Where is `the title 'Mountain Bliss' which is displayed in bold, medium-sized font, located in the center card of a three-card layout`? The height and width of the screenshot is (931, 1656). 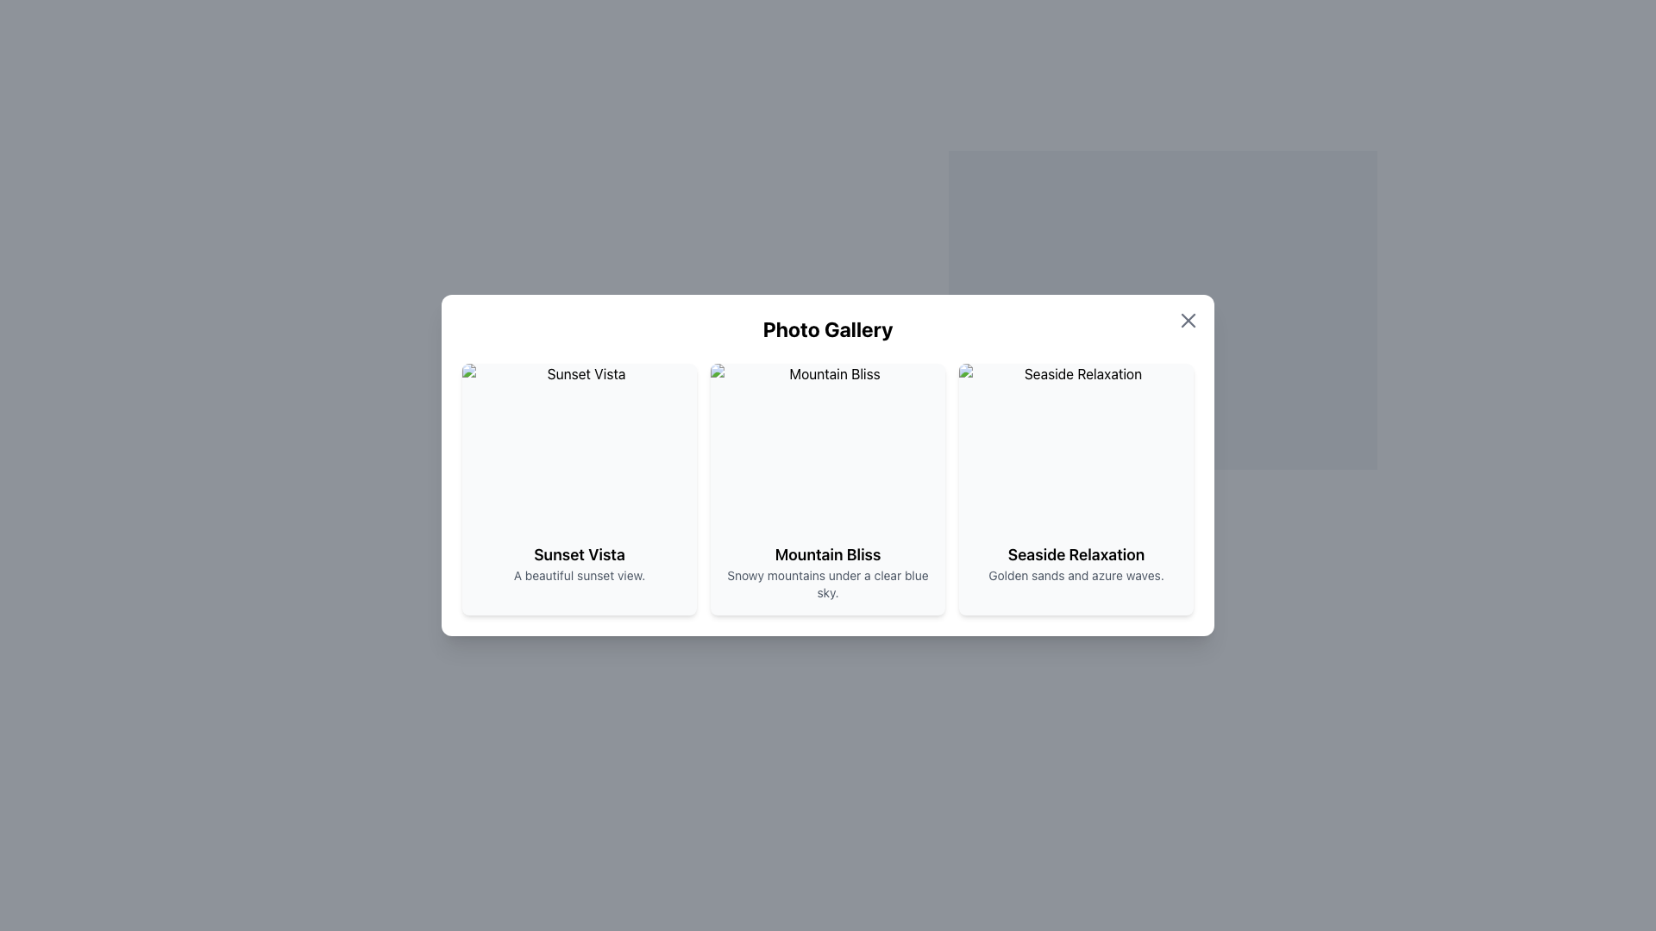 the title 'Mountain Bliss' which is displayed in bold, medium-sized font, located in the center card of a three-card layout is located at coordinates (828, 555).